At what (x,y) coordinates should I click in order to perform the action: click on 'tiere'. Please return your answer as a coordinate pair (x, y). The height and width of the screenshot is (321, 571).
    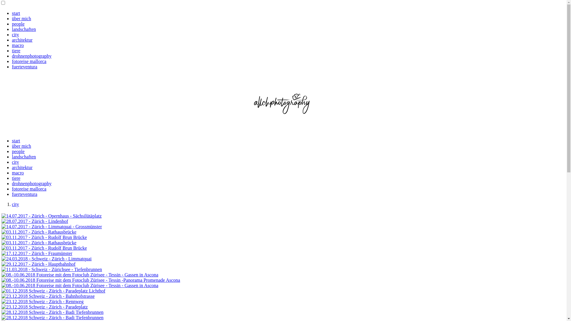
    Looking at the image, I should click on (16, 50).